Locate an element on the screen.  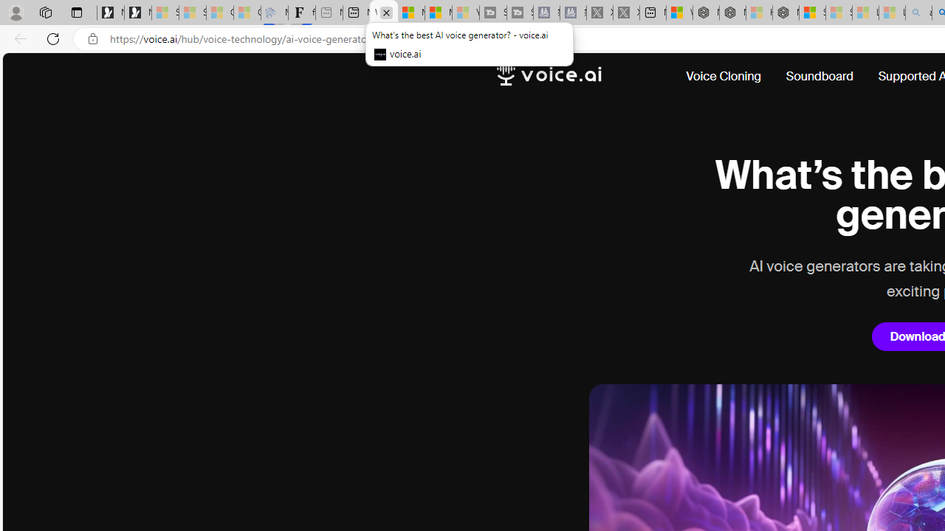
'Nordace - Nordace Siena Is Not An Ordinary Backpack' is located at coordinates (785, 13).